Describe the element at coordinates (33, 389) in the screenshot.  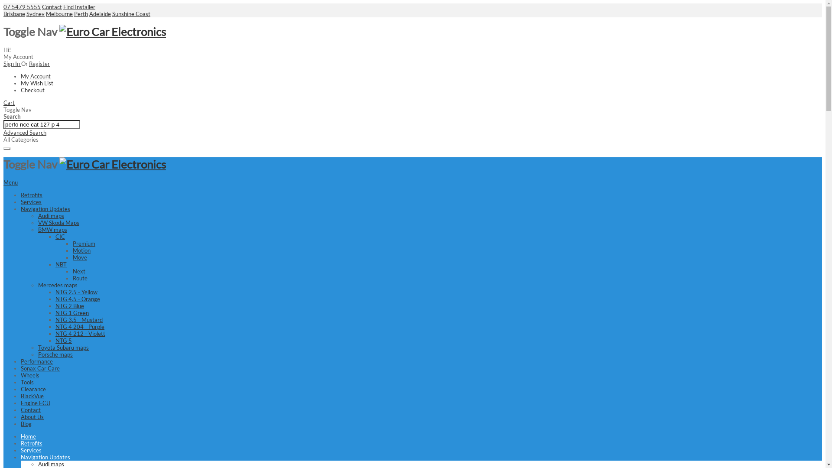
I see `'Clearance'` at that location.